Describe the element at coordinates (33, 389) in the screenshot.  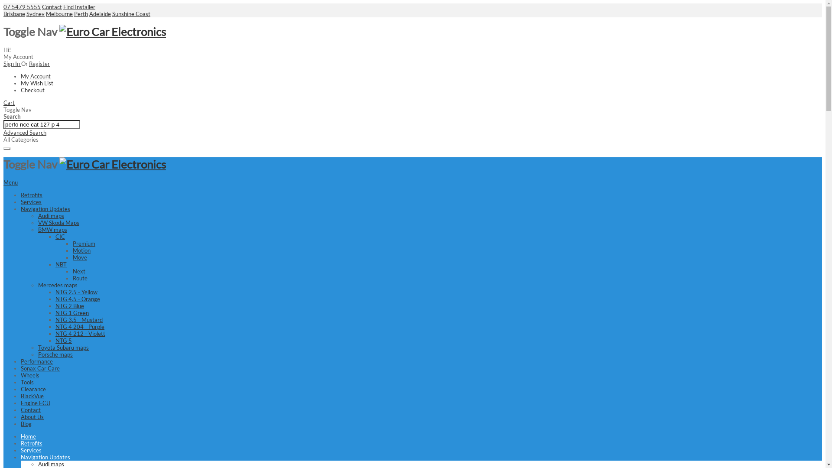
I see `'Clearance'` at that location.